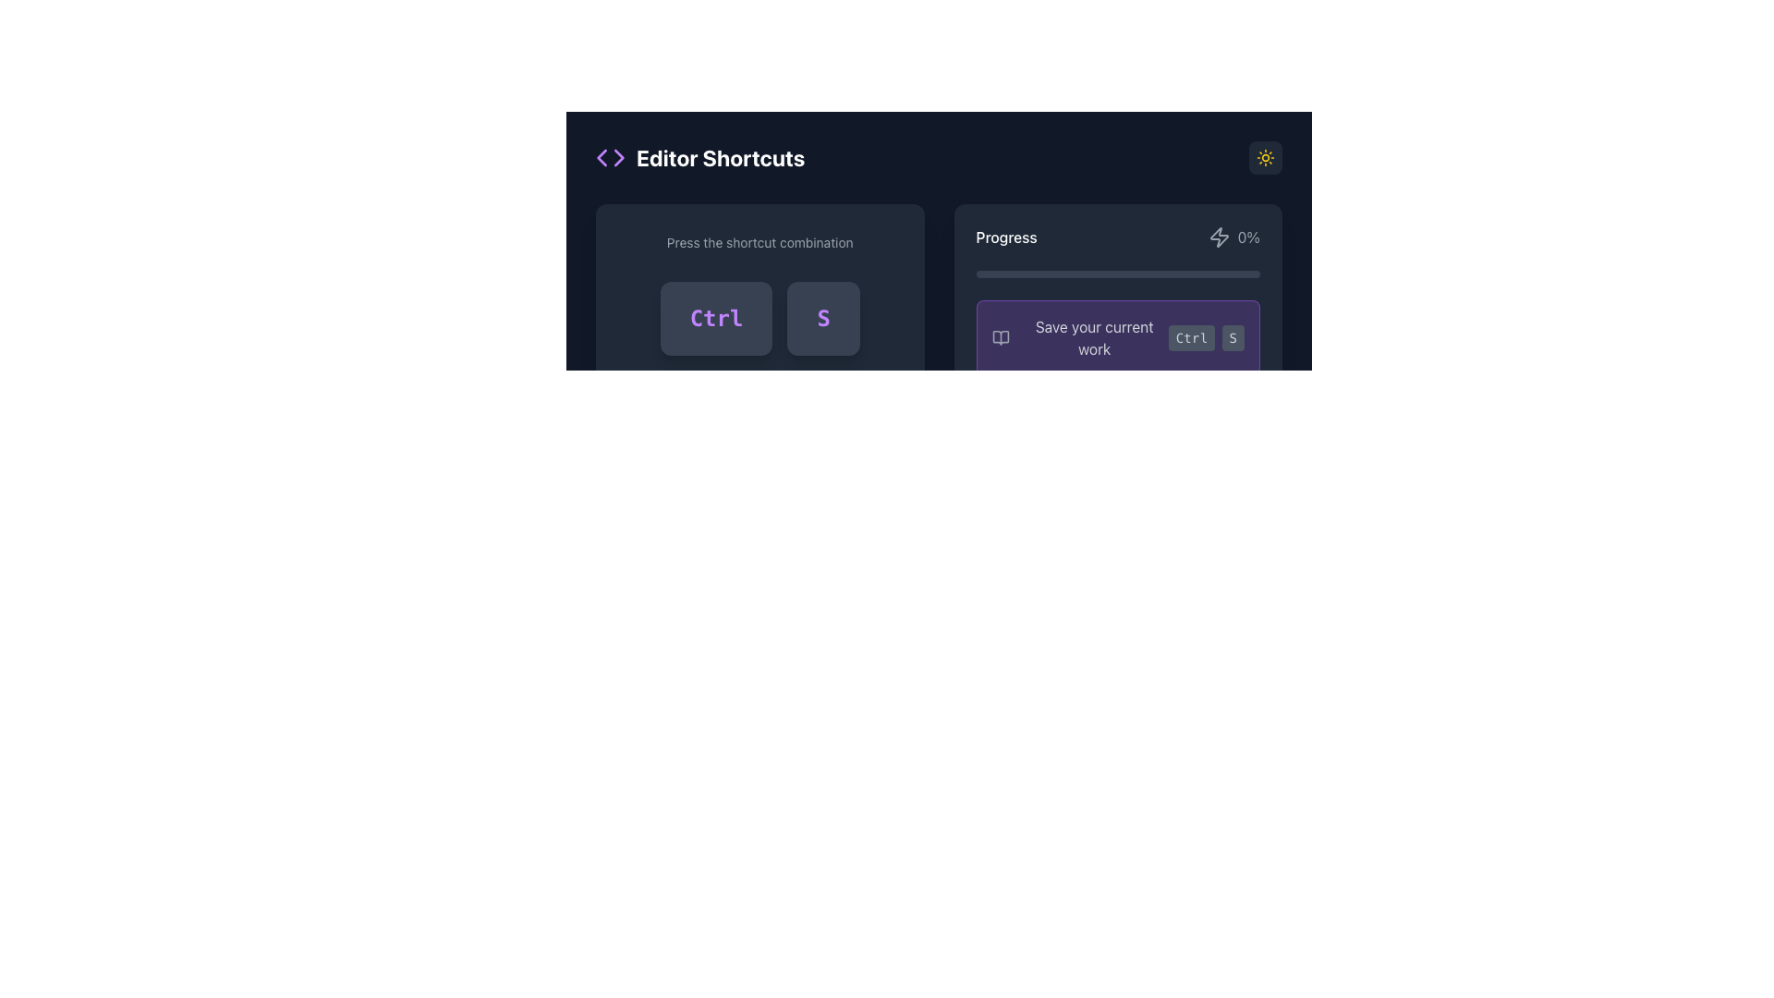 The width and height of the screenshot is (1774, 998). What do you see at coordinates (1233, 338) in the screenshot?
I see `the button-like label displaying the letter 'S' that is styled with a dark gray background and lighter gray text, located in the 'Editor Shortcuts' section` at bounding box center [1233, 338].